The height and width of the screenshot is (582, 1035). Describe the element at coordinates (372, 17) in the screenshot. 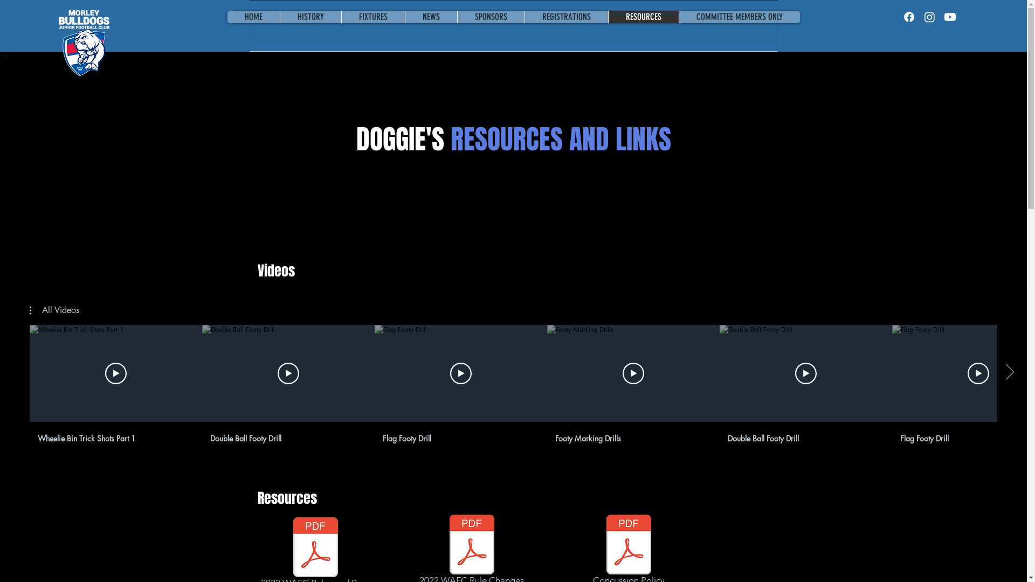

I see `'FIXTURES'` at that location.